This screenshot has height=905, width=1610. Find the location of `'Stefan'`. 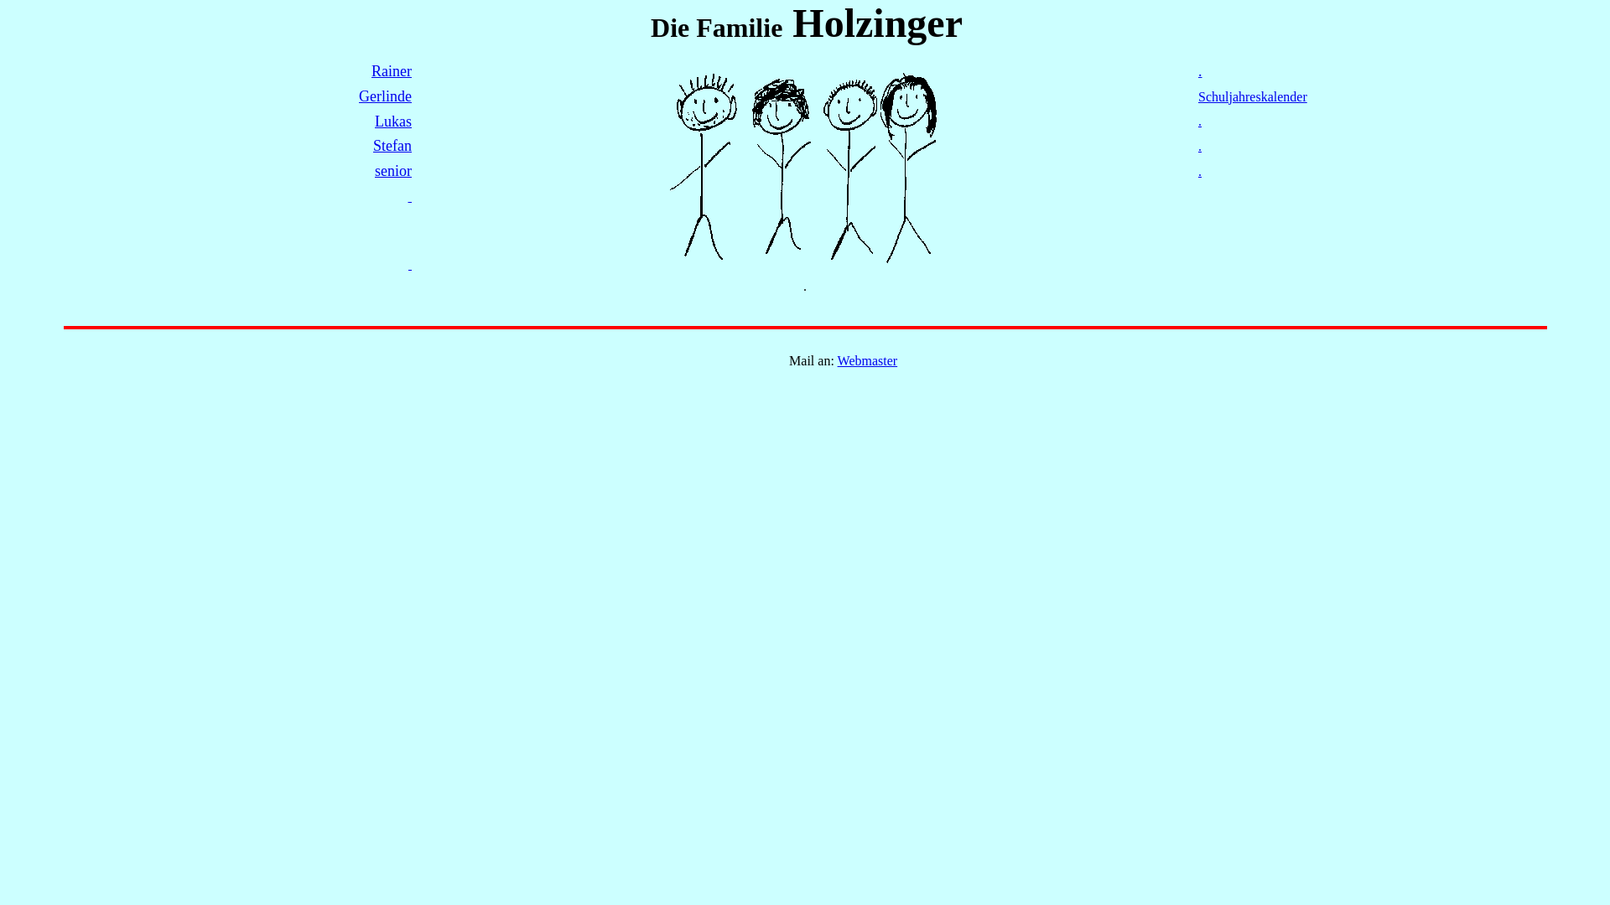

'Stefan' is located at coordinates (392, 145).